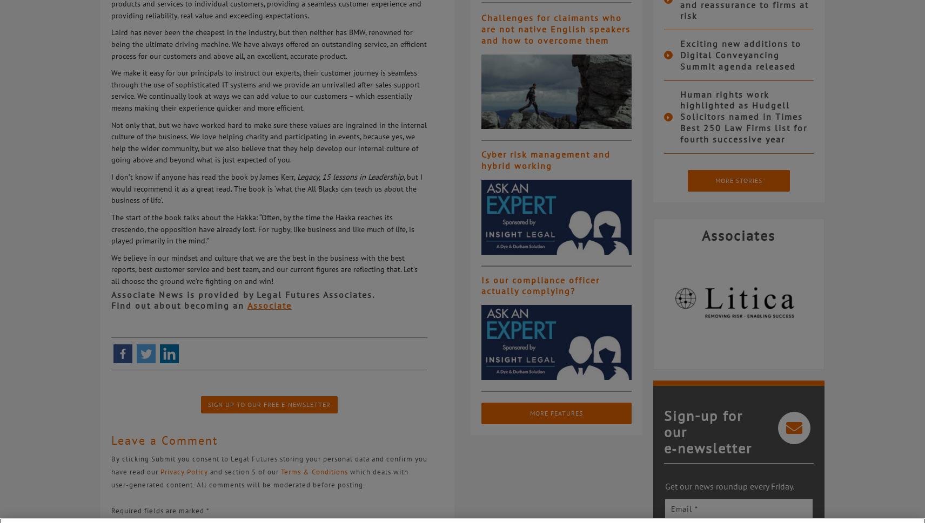 The height and width of the screenshot is (523, 925). Describe the element at coordinates (269, 404) in the screenshot. I see `'Sign up to our free e-newsletter'` at that location.